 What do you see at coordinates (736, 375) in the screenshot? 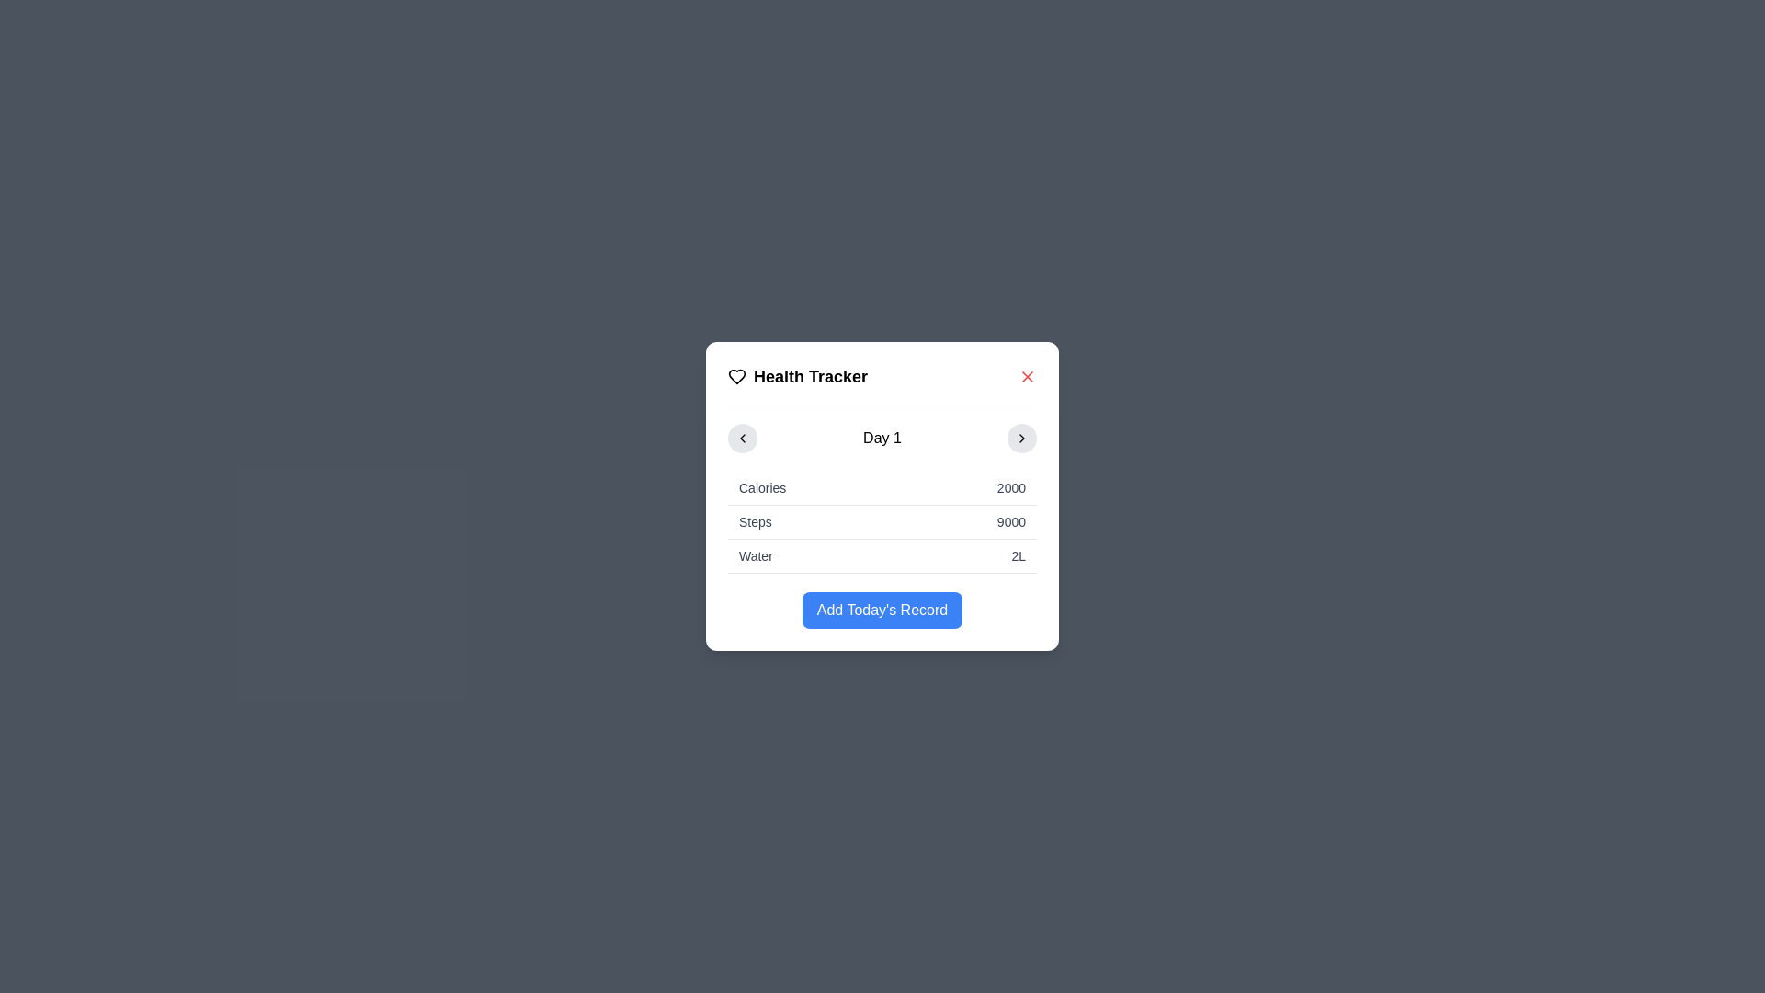
I see `the Heart icon located in the top-left portion of the dialog's header area to interact with it` at bounding box center [736, 375].